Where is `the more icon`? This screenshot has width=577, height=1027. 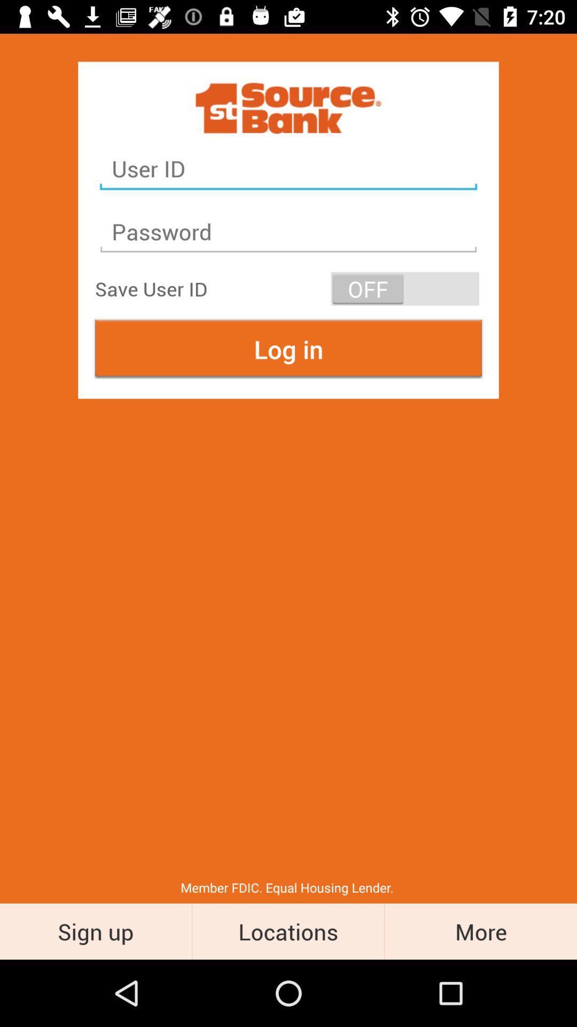
the more icon is located at coordinates (480, 931).